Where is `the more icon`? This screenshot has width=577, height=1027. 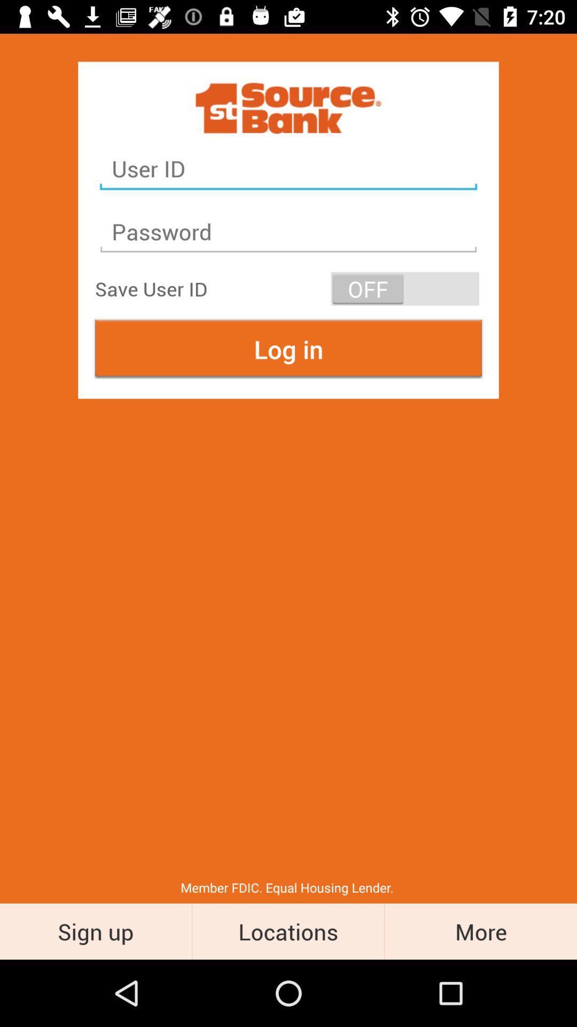
the more icon is located at coordinates (480, 931).